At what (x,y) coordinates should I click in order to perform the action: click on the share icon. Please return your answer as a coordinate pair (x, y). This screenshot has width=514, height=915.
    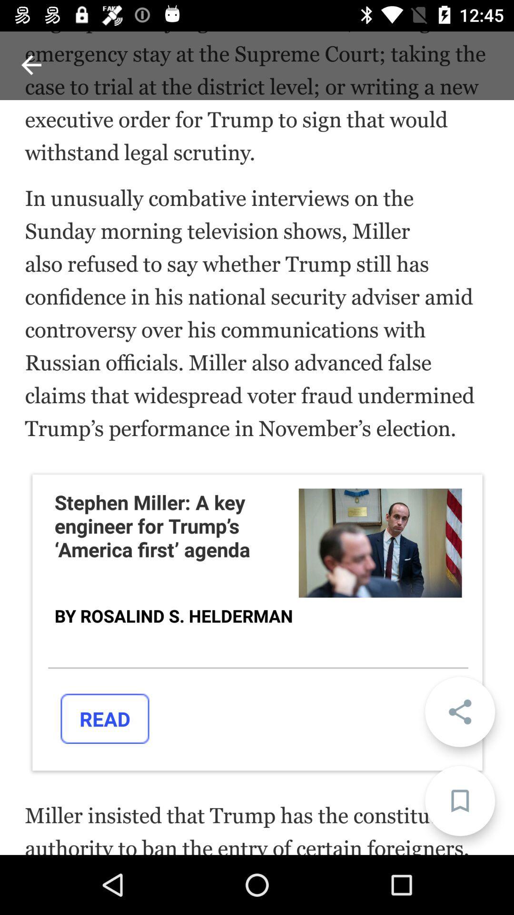
    Looking at the image, I should click on (459, 712).